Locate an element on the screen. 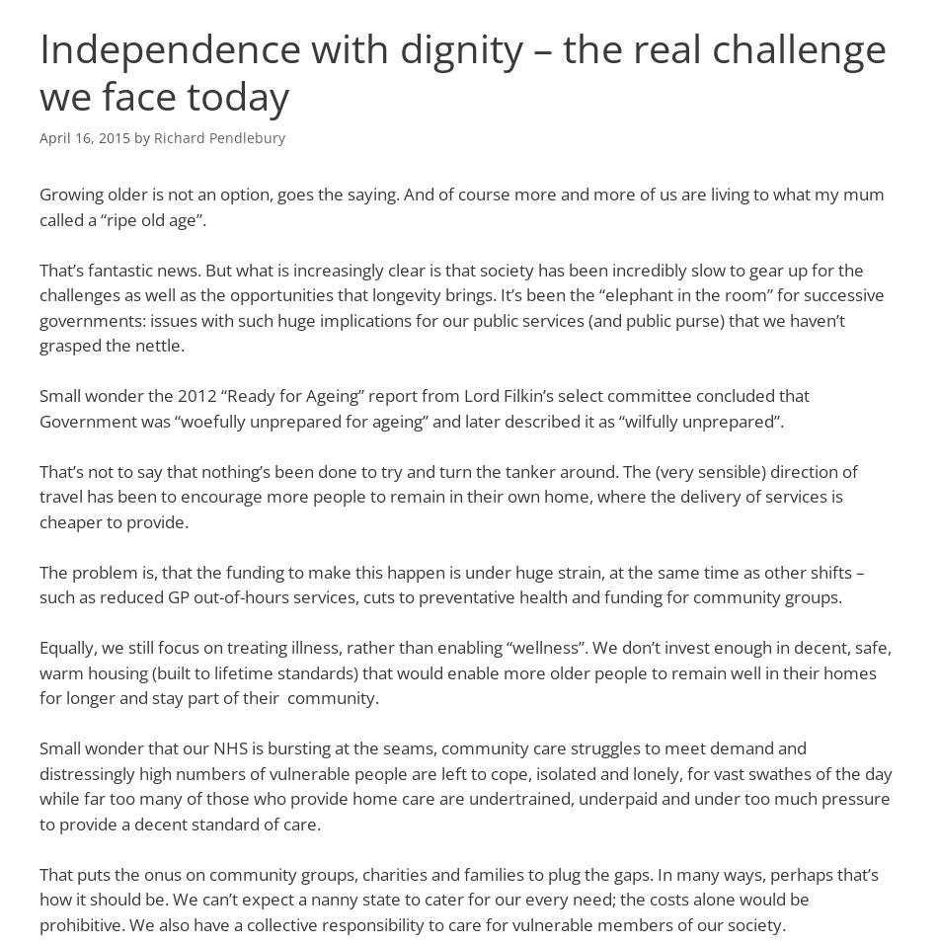 The width and height of the screenshot is (938, 943). 'Richard Pendlebury' is located at coordinates (153, 135).